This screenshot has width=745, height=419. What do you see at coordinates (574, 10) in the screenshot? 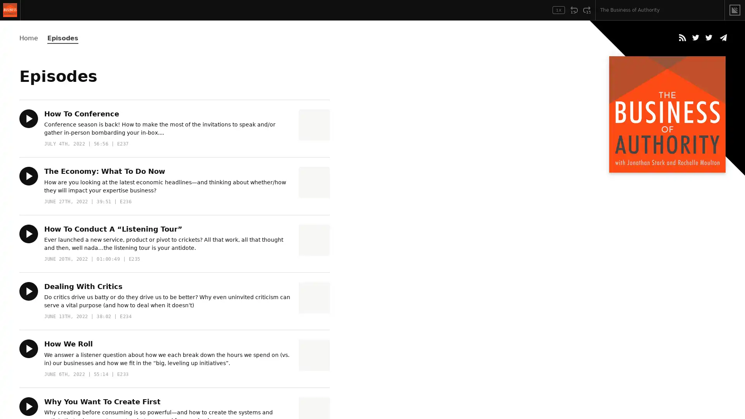
I see `Rewind 15 Seconds` at bounding box center [574, 10].